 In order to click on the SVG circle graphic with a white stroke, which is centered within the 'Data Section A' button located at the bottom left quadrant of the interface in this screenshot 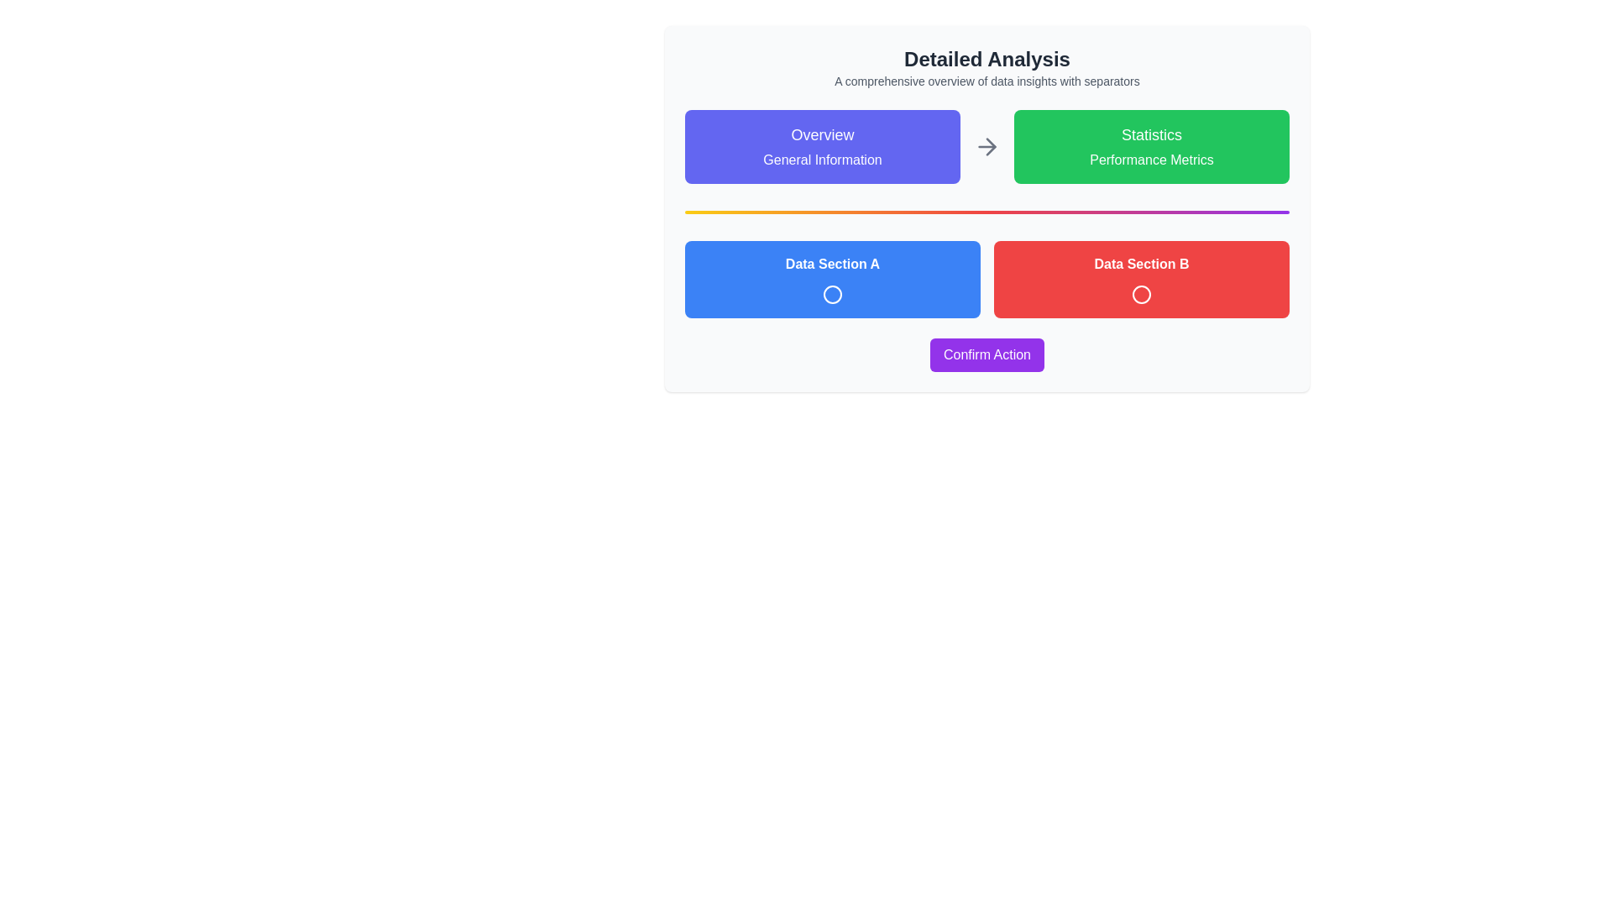, I will do `click(833, 294)`.